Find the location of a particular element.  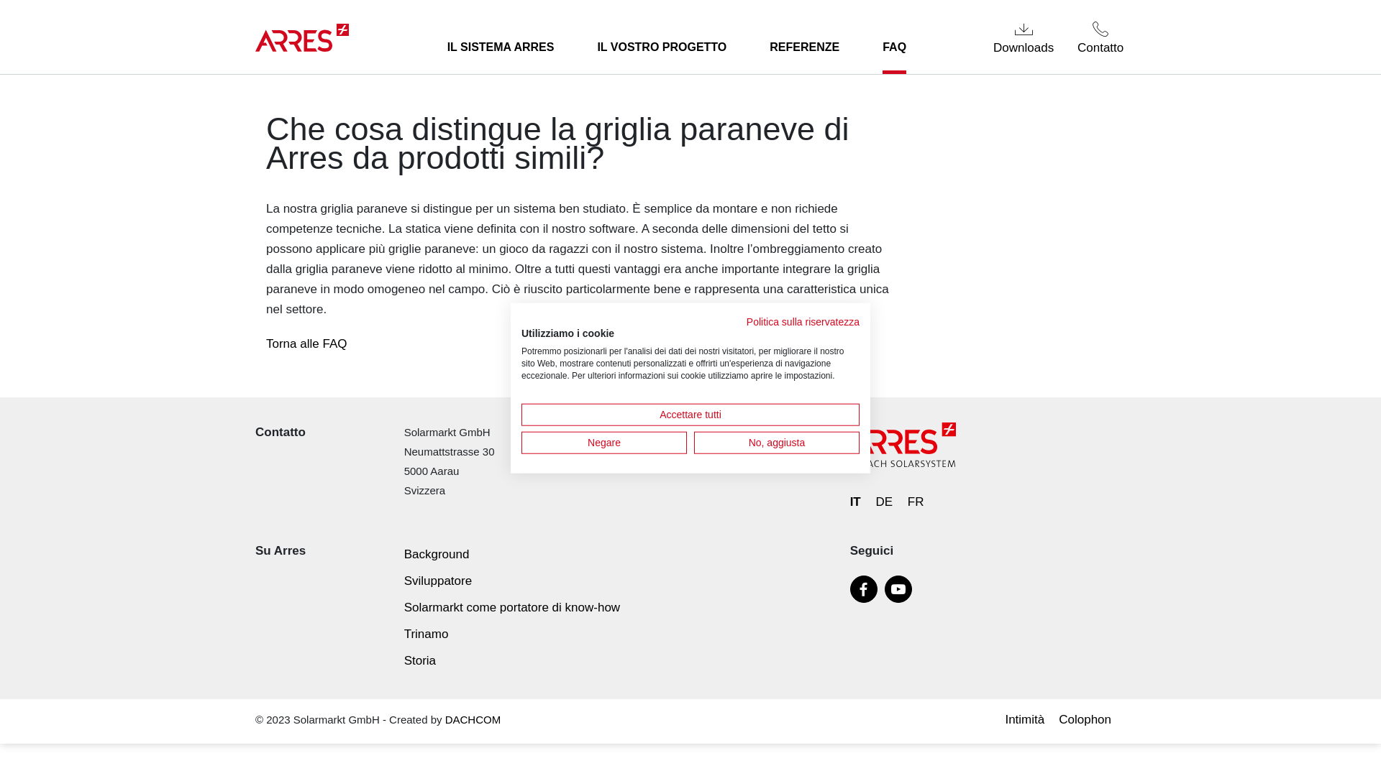

'Background' is located at coordinates (403, 553).